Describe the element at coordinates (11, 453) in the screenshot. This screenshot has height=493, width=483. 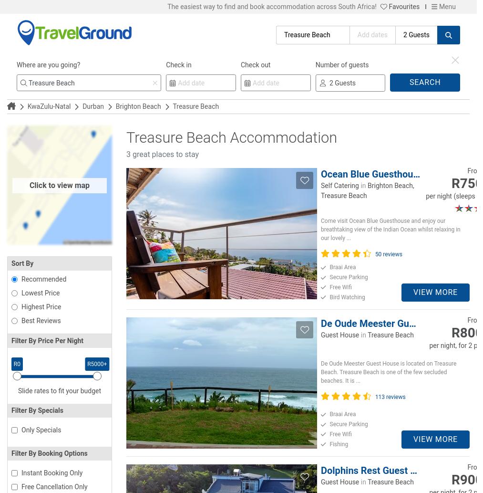
I see `'Filter By Booking Options'` at that location.